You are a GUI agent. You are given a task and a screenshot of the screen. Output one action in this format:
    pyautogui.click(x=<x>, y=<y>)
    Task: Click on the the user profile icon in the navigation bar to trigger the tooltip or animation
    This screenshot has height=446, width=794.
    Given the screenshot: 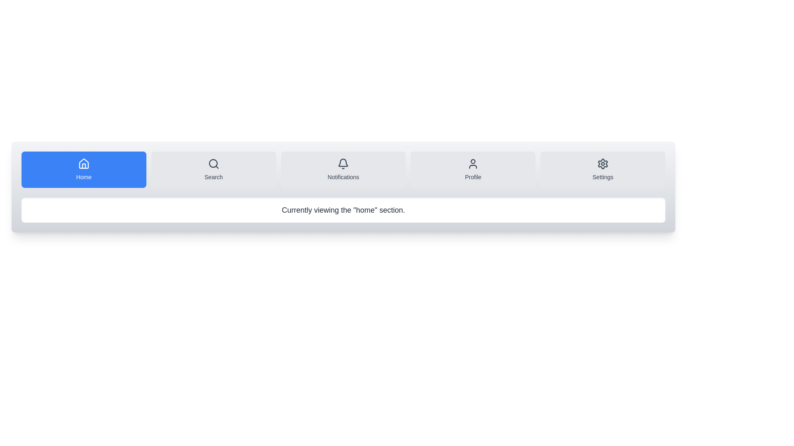 What is the action you would take?
    pyautogui.click(x=473, y=164)
    